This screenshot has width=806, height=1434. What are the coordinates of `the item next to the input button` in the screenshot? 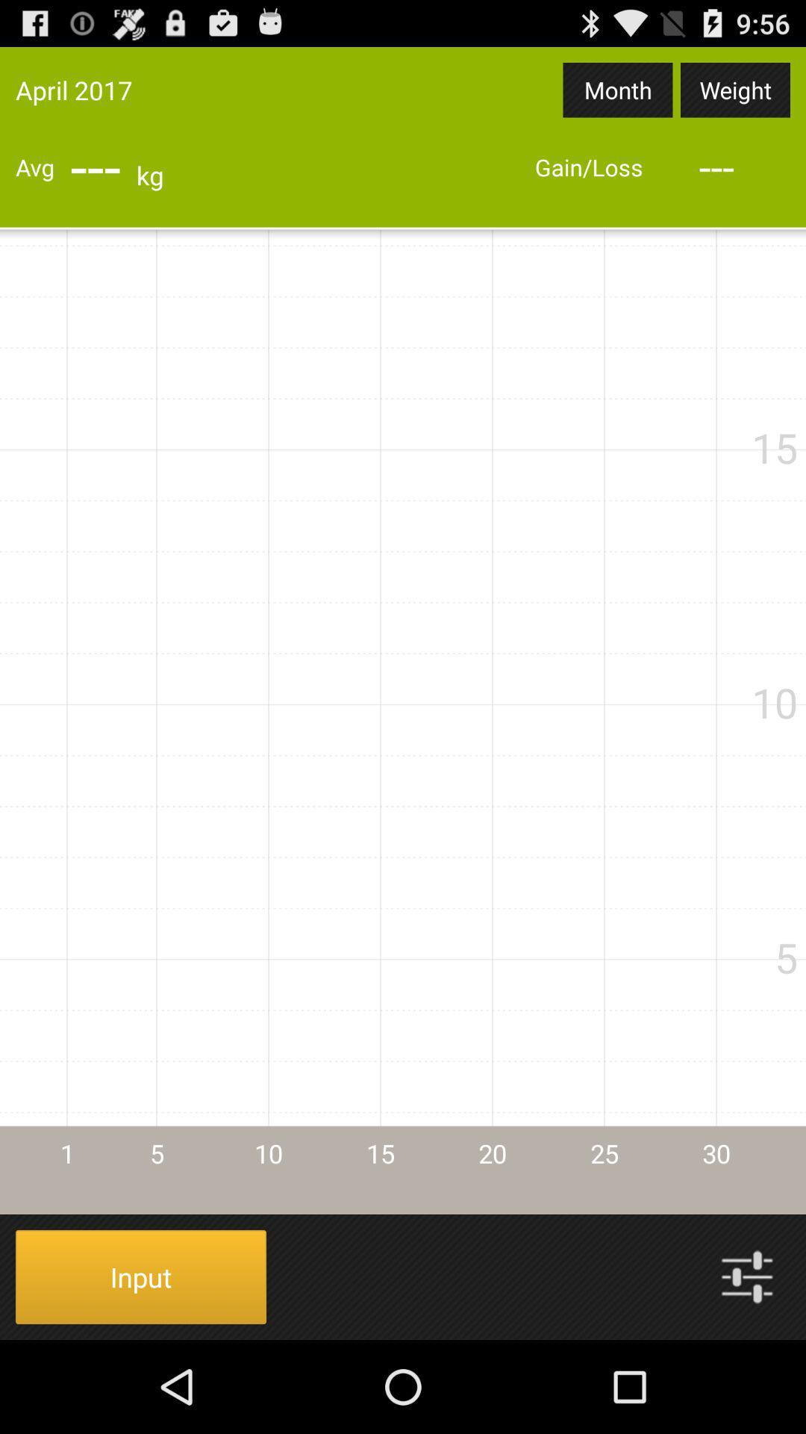 It's located at (747, 1276).